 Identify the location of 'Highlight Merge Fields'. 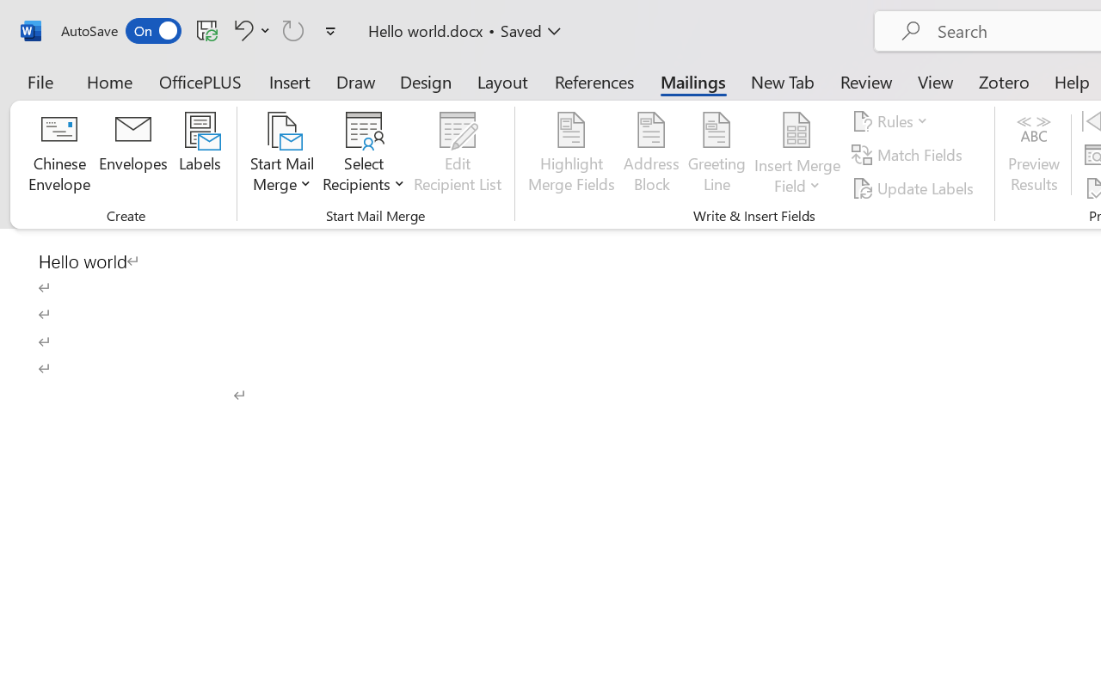
(571, 154).